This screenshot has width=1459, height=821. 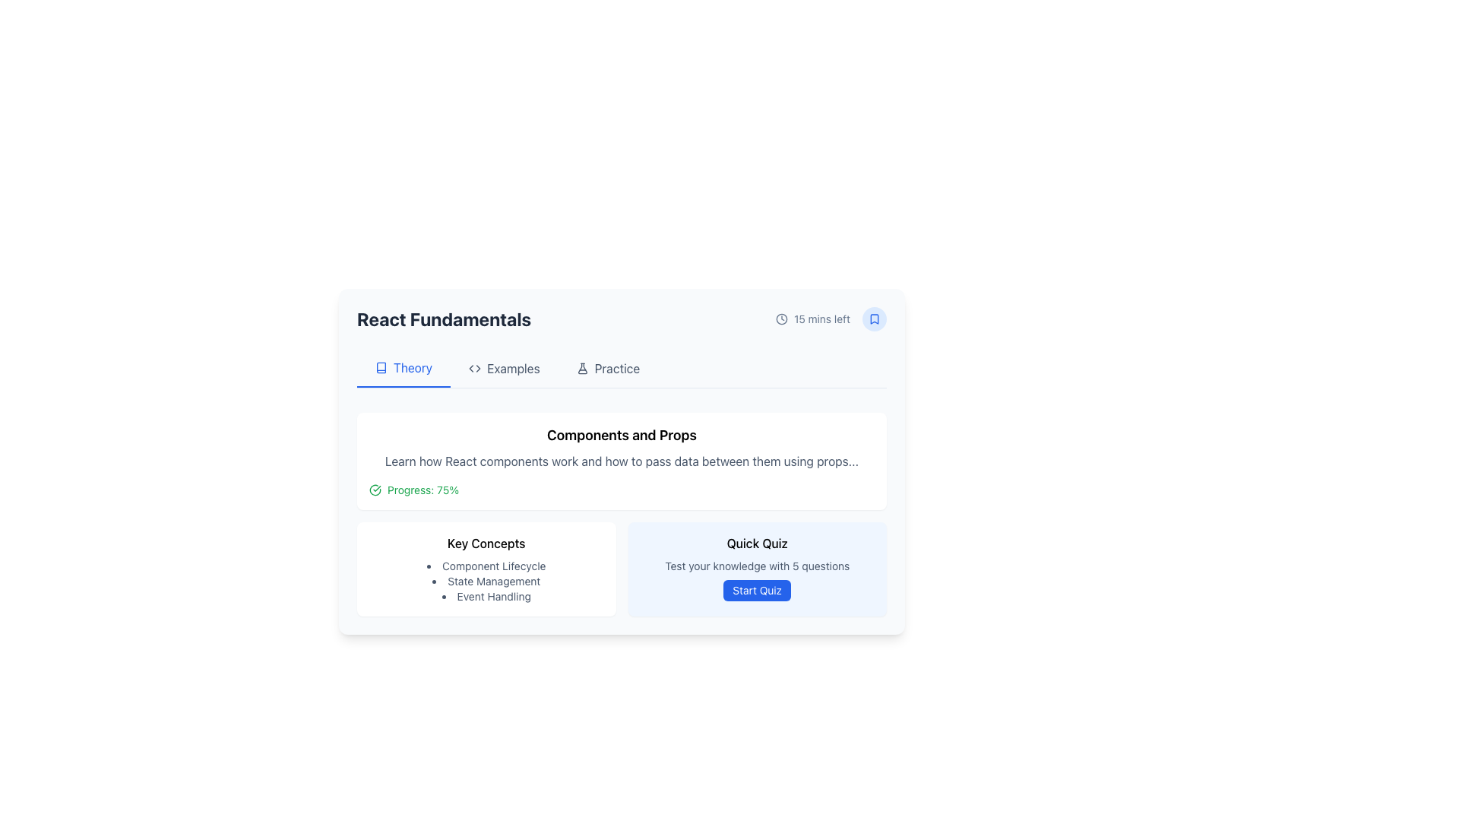 What do you see at coordinates (581, 369) in the screenshot?
I see `the icon located to the left of the 'Practice' text within the 'Practice' button, enhancing its recognizability` at bounding box center [581, 369].